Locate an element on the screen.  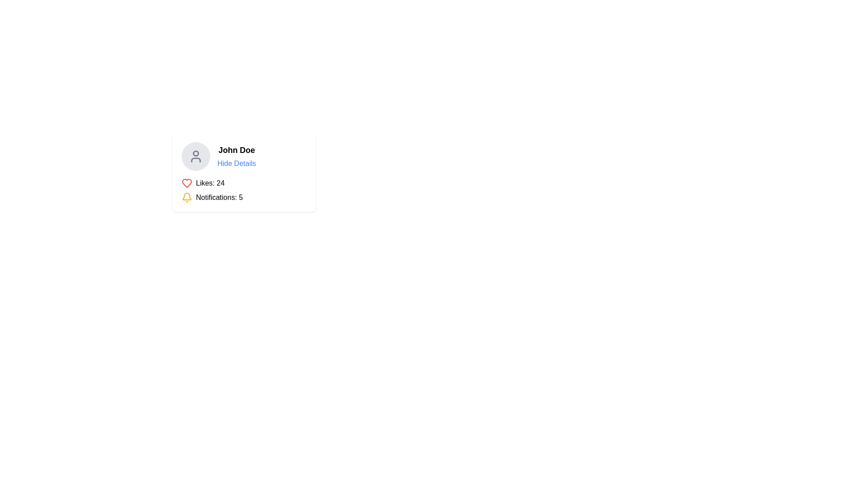
the yellow bell icon outline located at the bottom part of the card grid layout adjacent to the 'Notifications: 5' text label is located at coordinates (186, 196).